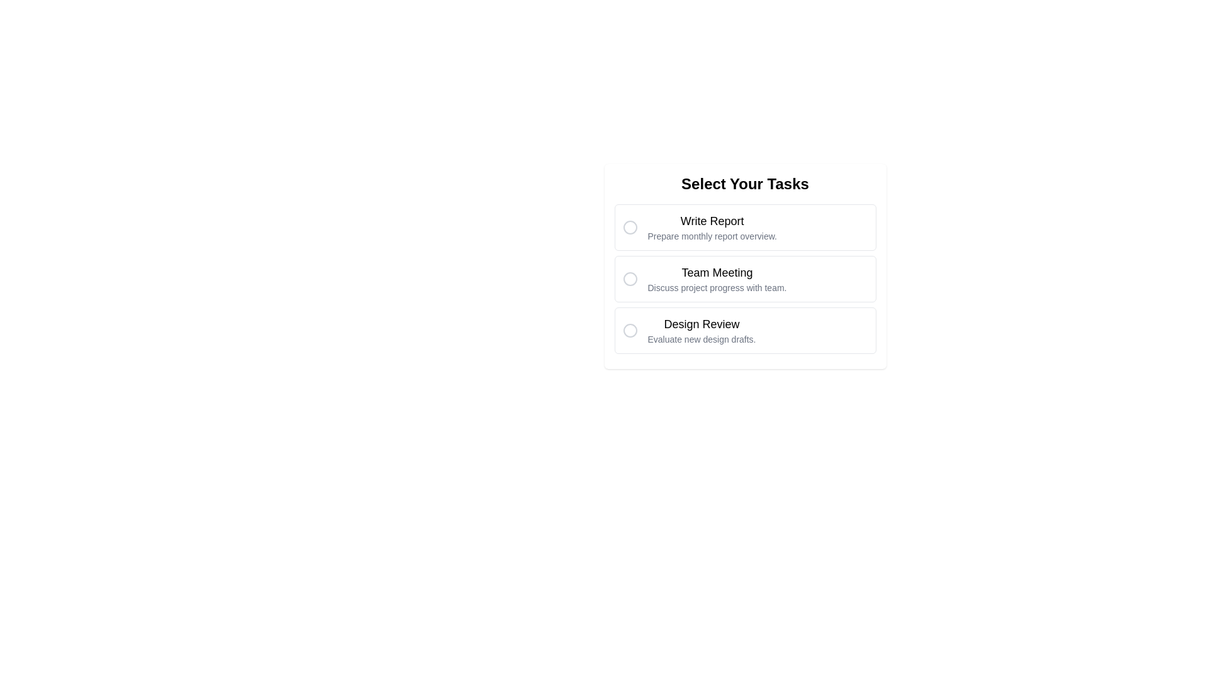  Describe the element at coordinates (630, 278) in the screenshot. I see `the circular graphical icon with a gray border located in the top-left corner of the 'Team Meeting' task card` at that location.